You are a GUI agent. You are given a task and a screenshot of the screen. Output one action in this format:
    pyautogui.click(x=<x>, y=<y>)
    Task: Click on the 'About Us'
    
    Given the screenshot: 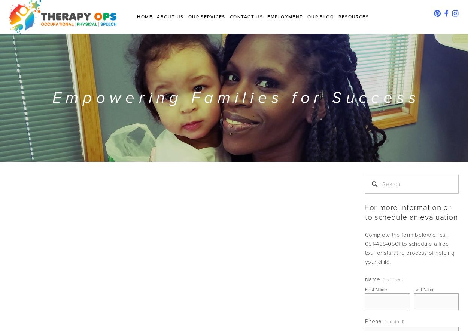 What is the action you would take?
    pyautogui.click(x=170, y=16)
    